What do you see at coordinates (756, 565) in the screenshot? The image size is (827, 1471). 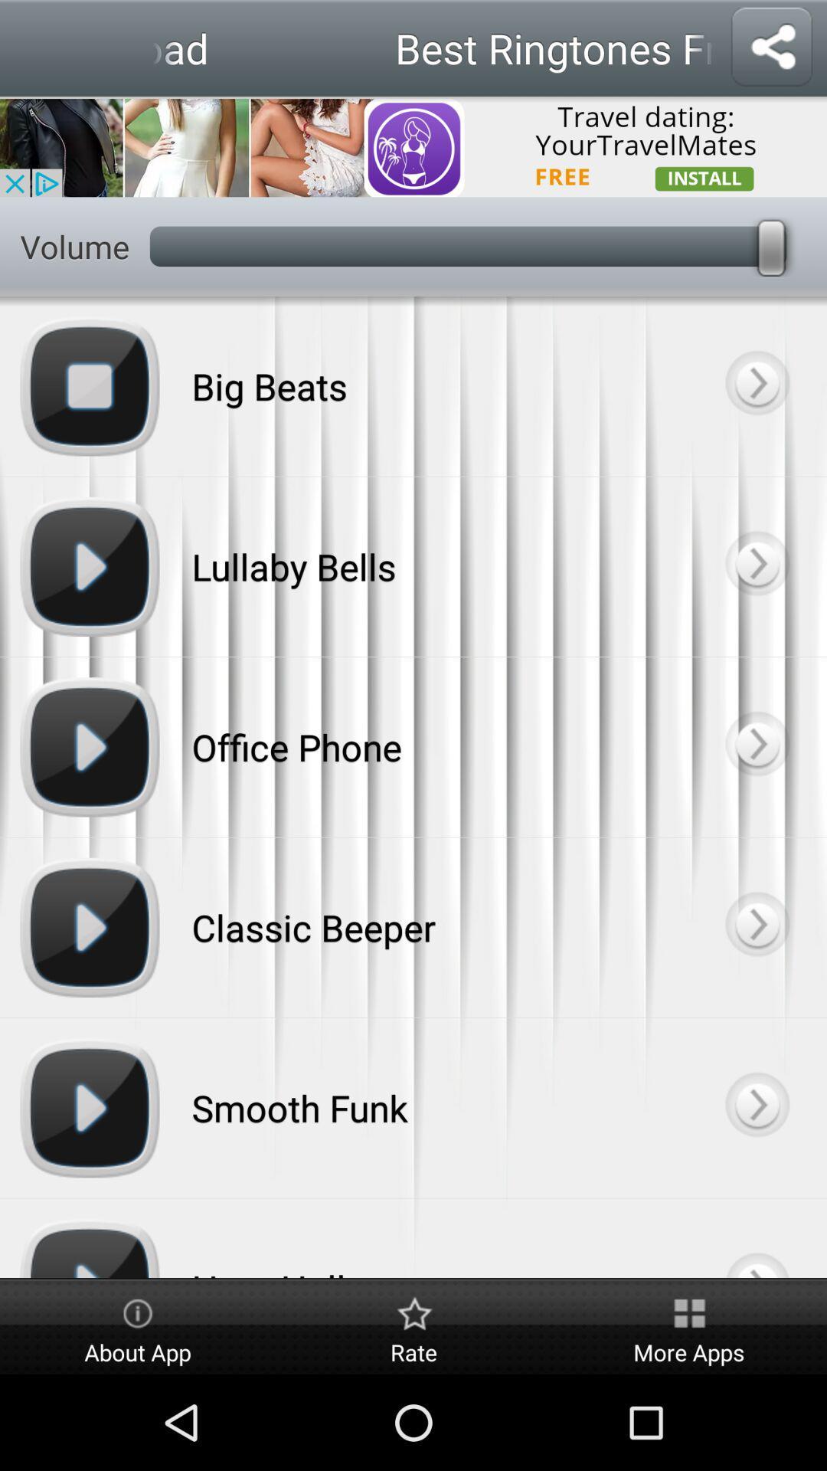 I see `next option` at bounding box center [756, 565].